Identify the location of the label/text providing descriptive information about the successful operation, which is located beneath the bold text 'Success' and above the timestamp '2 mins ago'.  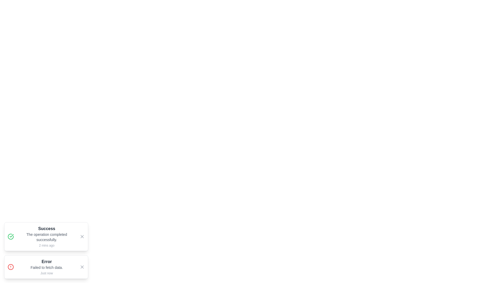
(46, 237).